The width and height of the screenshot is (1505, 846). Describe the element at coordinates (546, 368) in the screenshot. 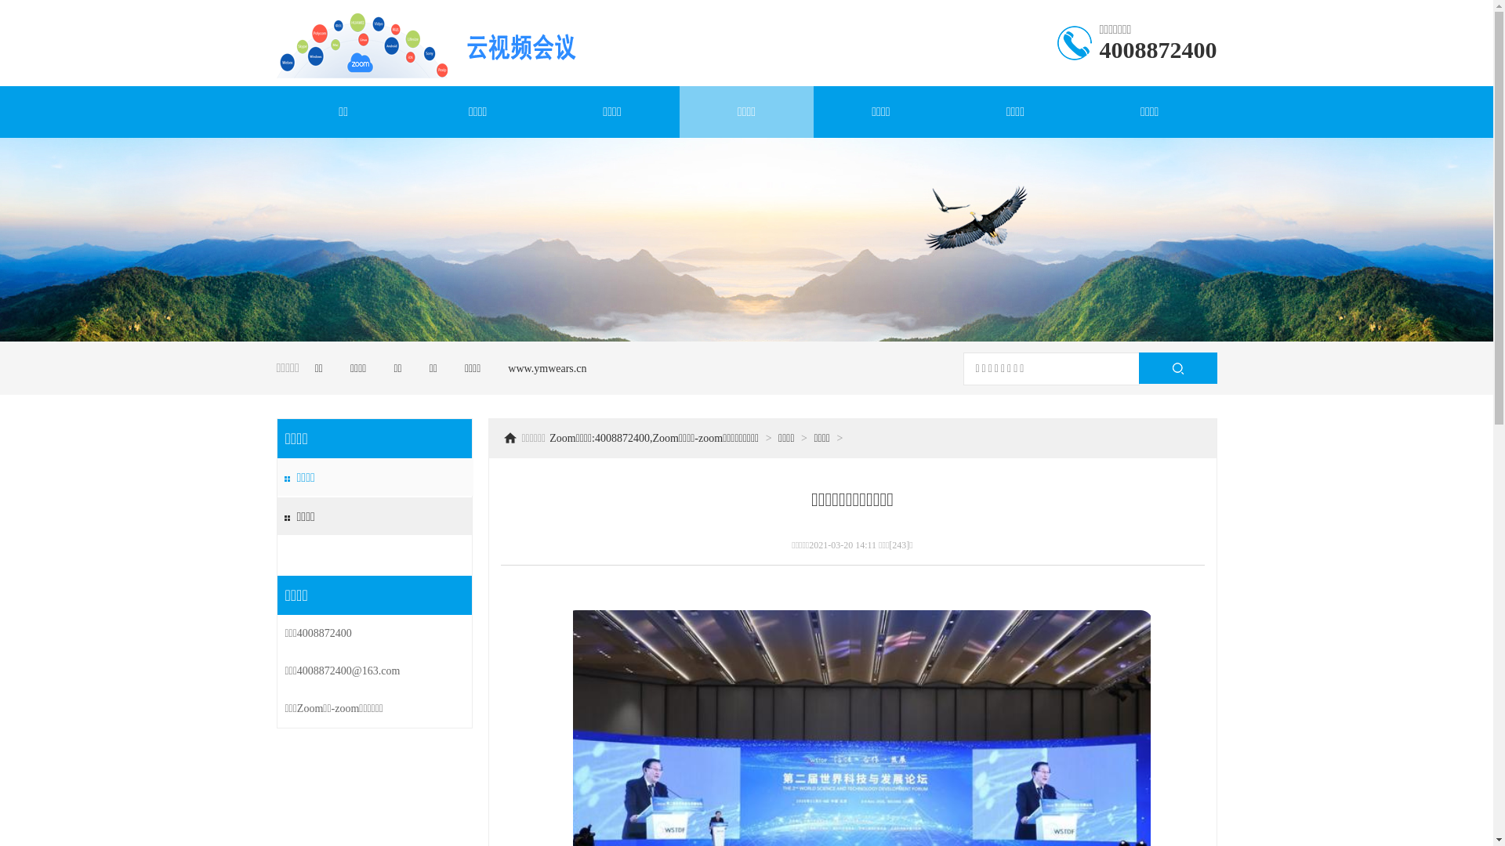

I see `'www.ymwears.cn'` at that location.